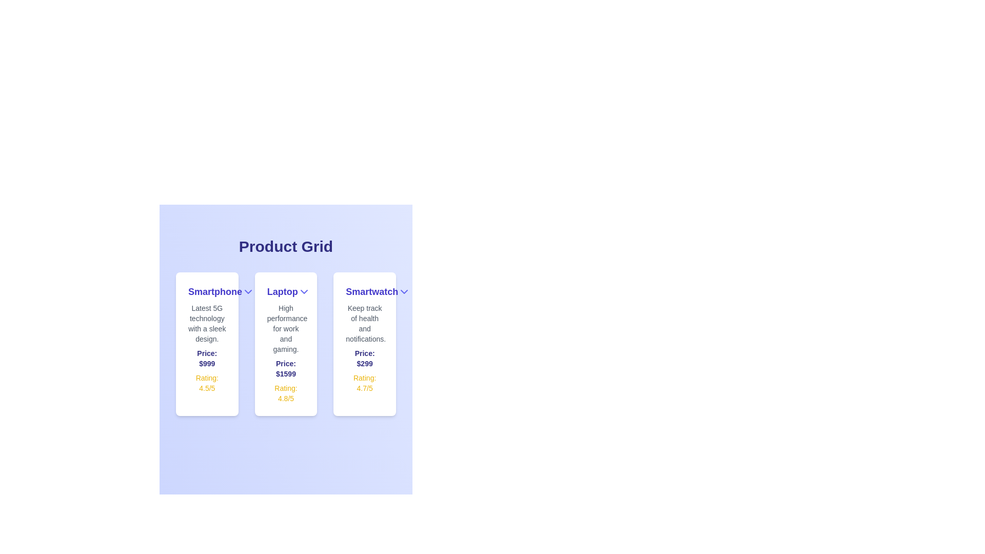  I want to click on rating text displayed for the laptop, located below the 'Price: $1599' element within the 'Laptop' card in the product grid, so click(286, 393).